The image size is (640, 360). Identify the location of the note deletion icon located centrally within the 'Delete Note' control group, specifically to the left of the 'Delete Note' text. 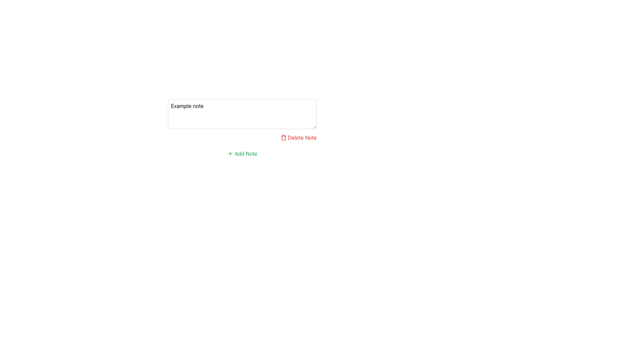
(283, 137).